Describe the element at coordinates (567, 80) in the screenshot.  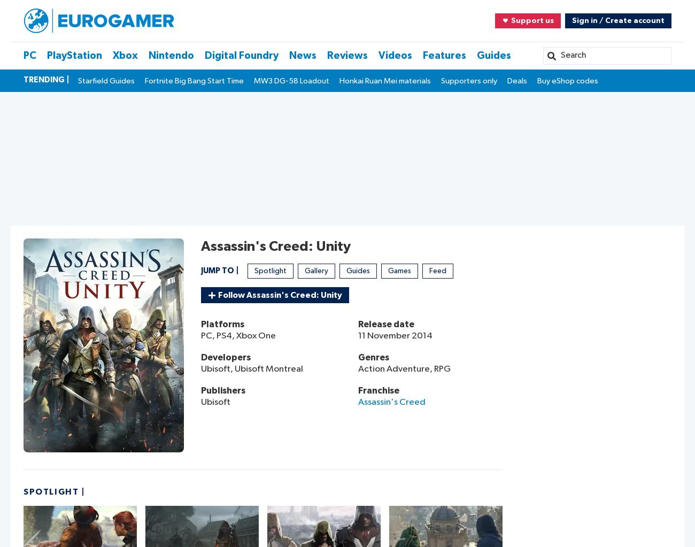
I see `'Buy eShop codes'` at that location.